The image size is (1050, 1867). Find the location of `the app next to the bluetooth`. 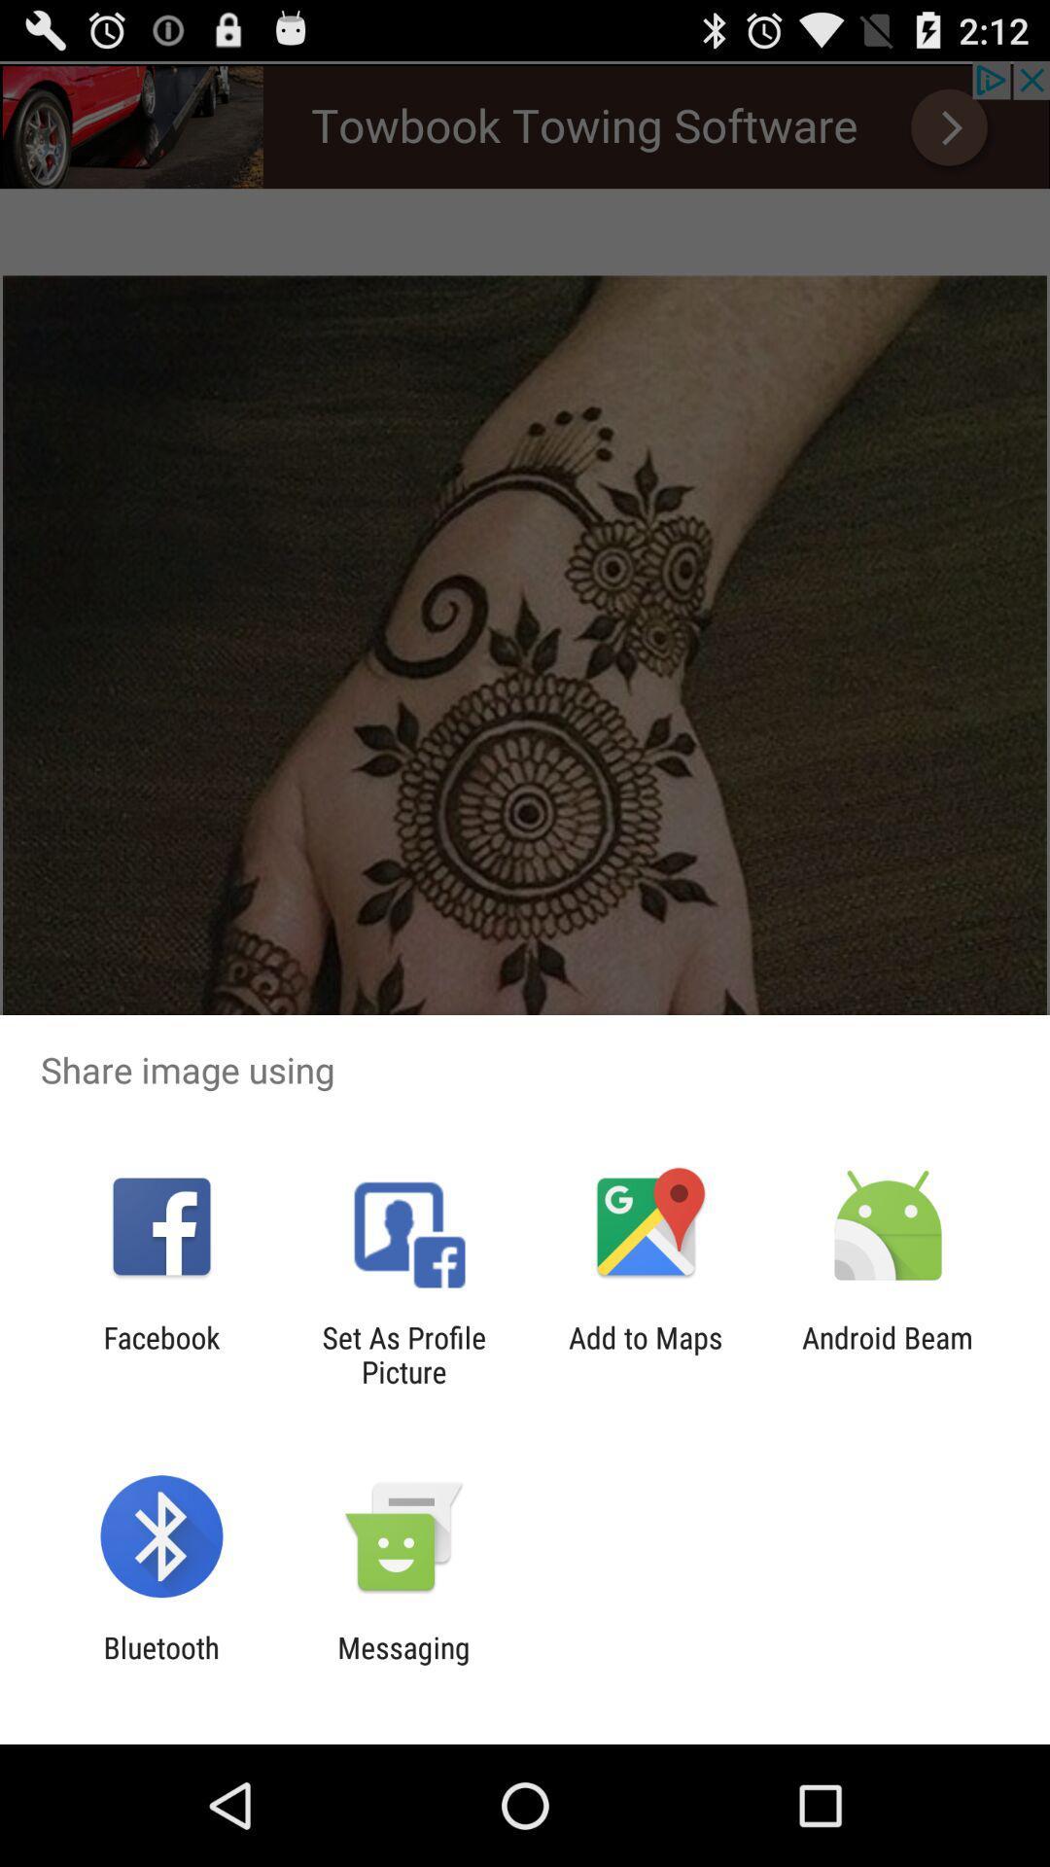

the app next to the bluetooth is located at coordinates (402, 1664).